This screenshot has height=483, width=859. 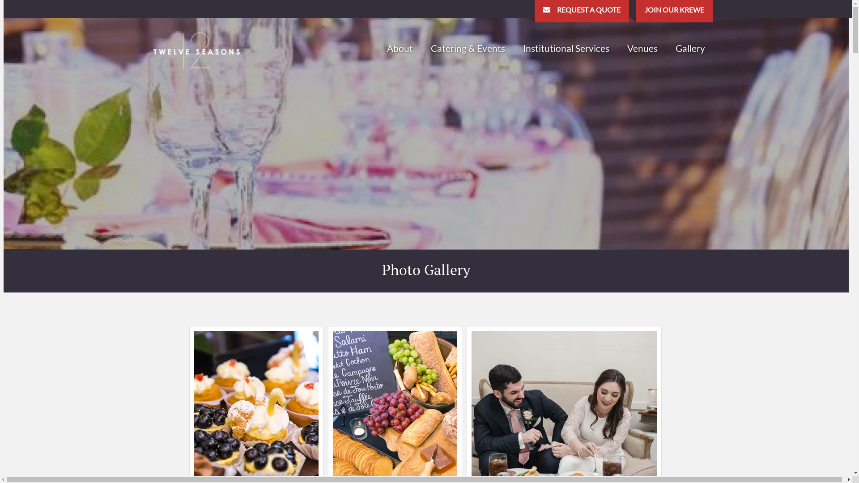 What do you see at coordinates (399, 48) in the screenshot?
I see `'About'` at bounding box center [399, 48].